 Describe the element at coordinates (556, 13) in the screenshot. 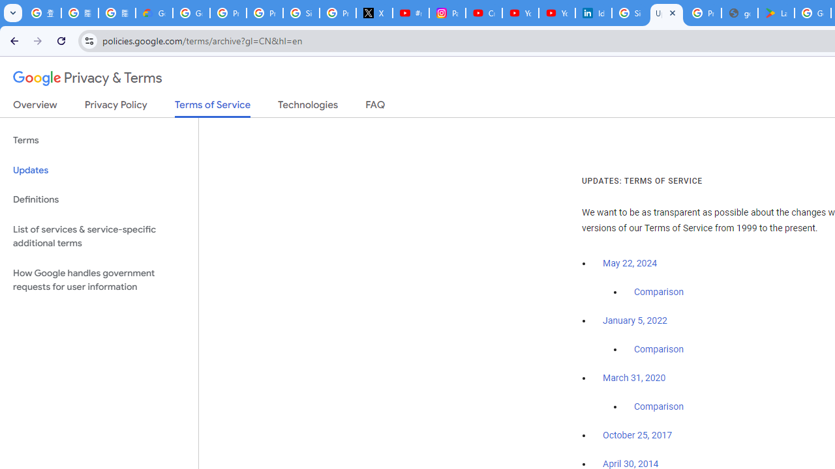

I see `'YouTube Culture & Trends - YouTube Top 10, 2021'` at that location.